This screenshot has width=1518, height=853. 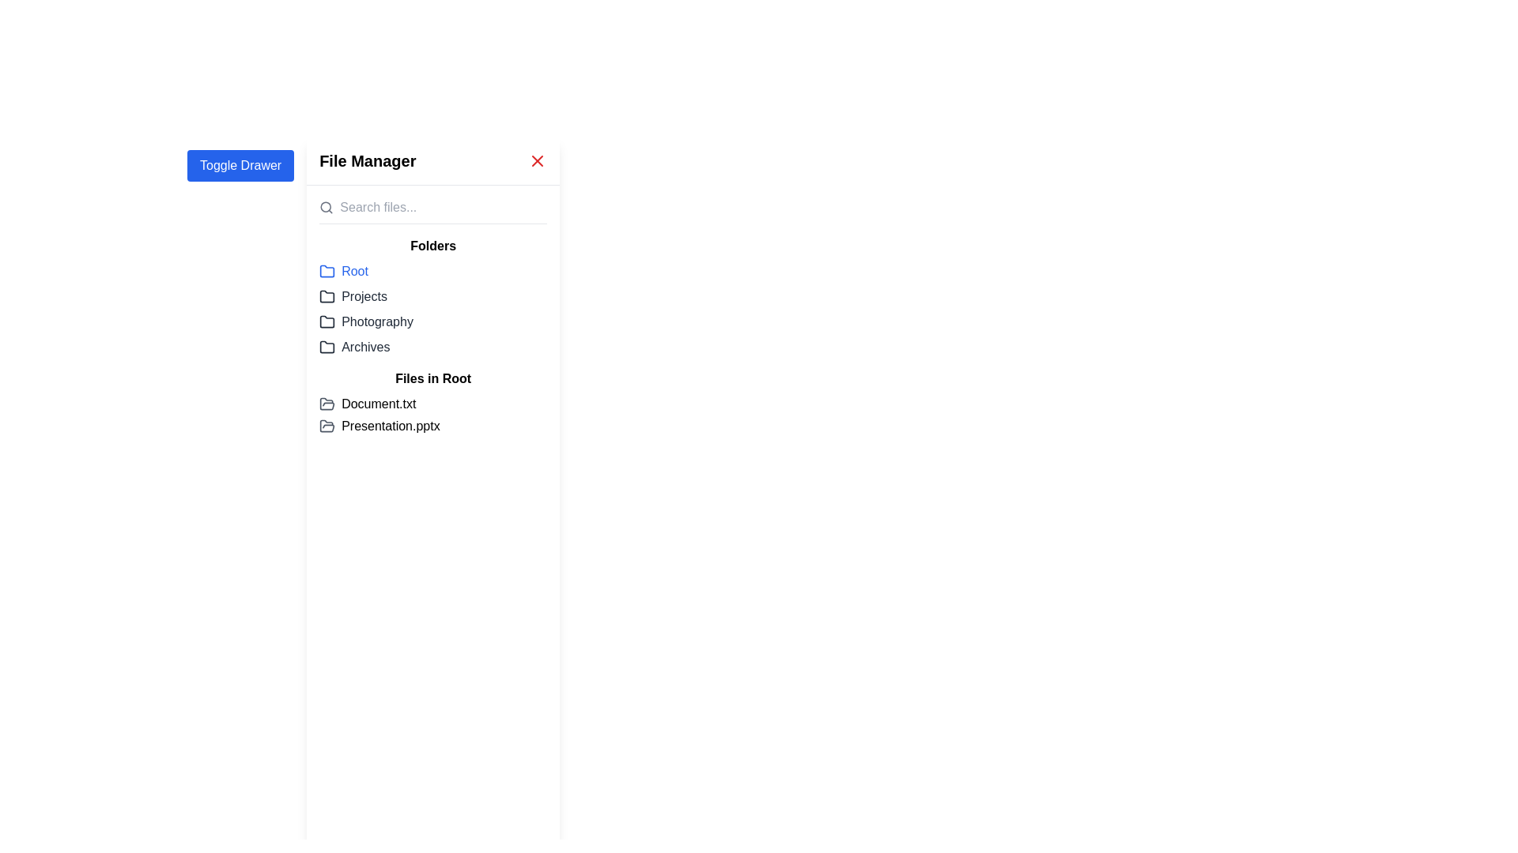 What do you see at coordinates (327, 346) in the screenshot?
I see `the folder icon located to the left of the 'Archives' text in the sidebar under the 'Folders' heading` at bounding box center [327, 346].